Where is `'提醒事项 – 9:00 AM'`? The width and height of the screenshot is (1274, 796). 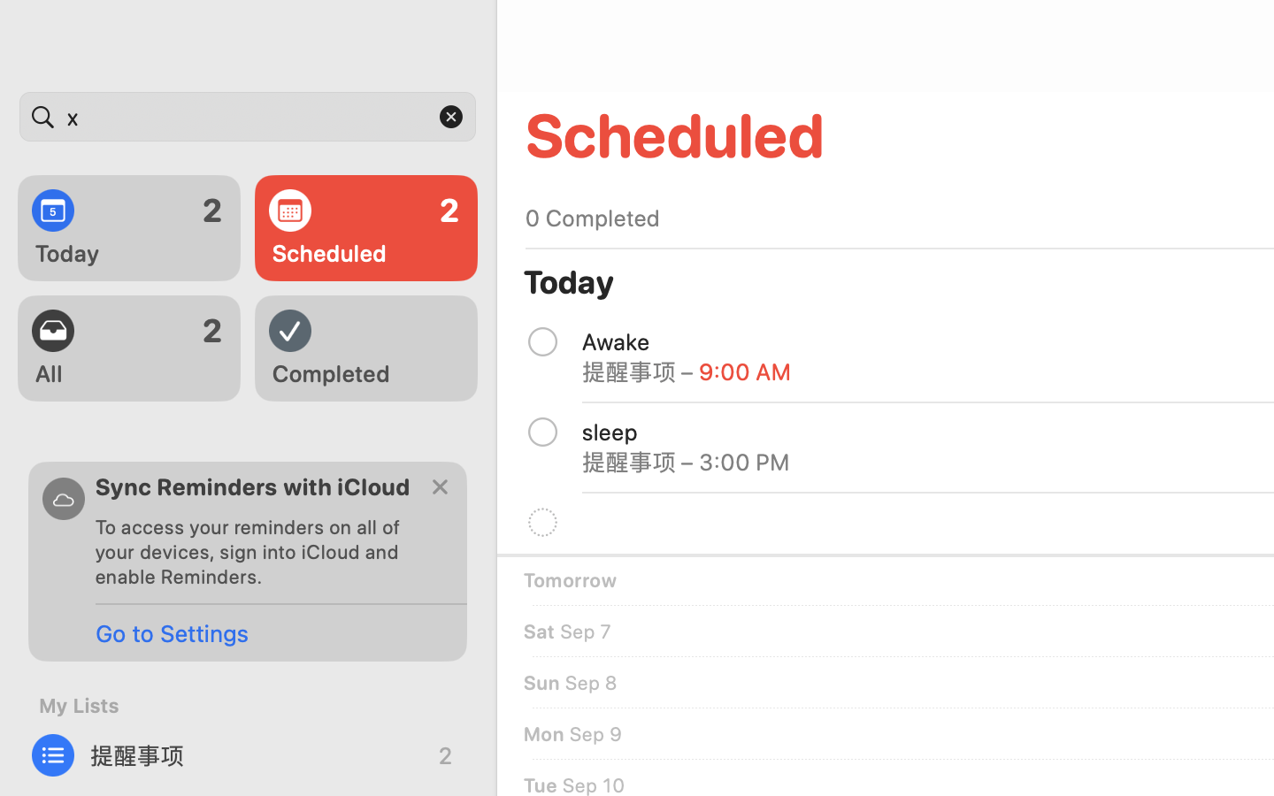 '提醒事项 – 9:00 AM' is located at coordinates (686, 371).